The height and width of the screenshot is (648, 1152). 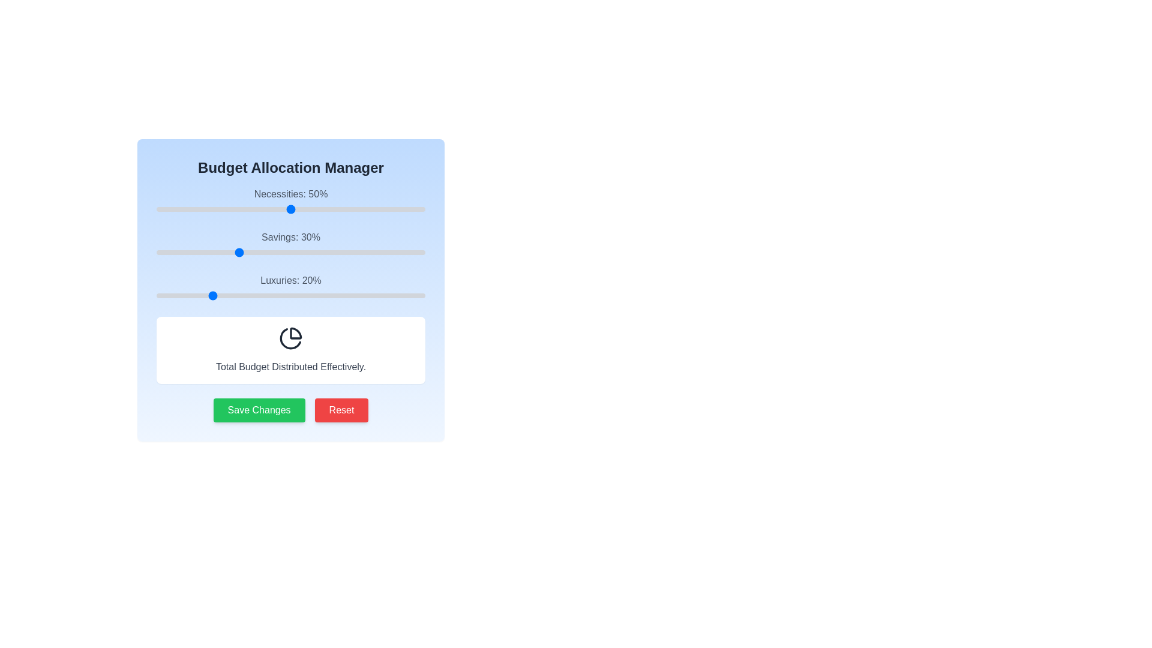 What do you see at coordinates (266, 251) in the screenshot?
I see `the savings percentage` at bounding box center [266, 251].